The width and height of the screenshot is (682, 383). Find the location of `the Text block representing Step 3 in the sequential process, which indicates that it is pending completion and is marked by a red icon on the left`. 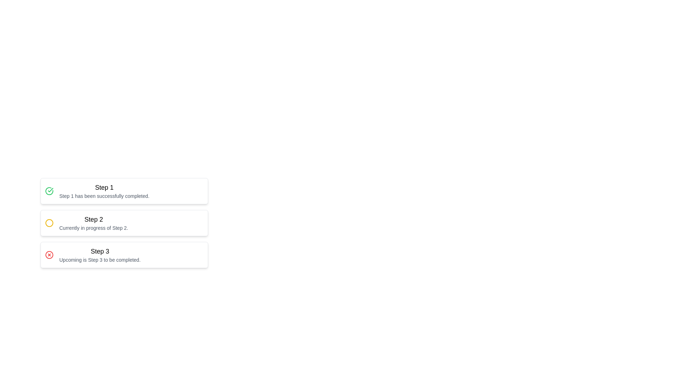

the Text block representing Step 3 in the sequential process, which indicates that it is pending completion and is marked by a red icon on the left is located at coordinates (99, 254).